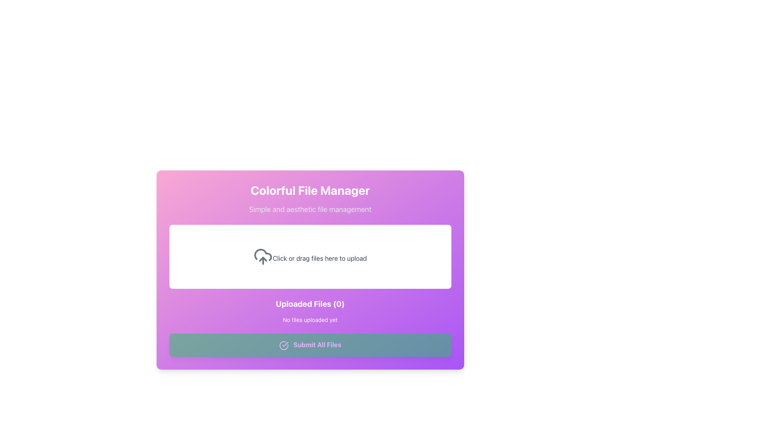 Image resolution: width=769 pixels, height=432 pixels. Describe the element at coordinates (310, 344) in the screenshot. I see `the green rectangular button labeled 'Submit All Files' with a checkmark icon to initiate the file submission` at that location.